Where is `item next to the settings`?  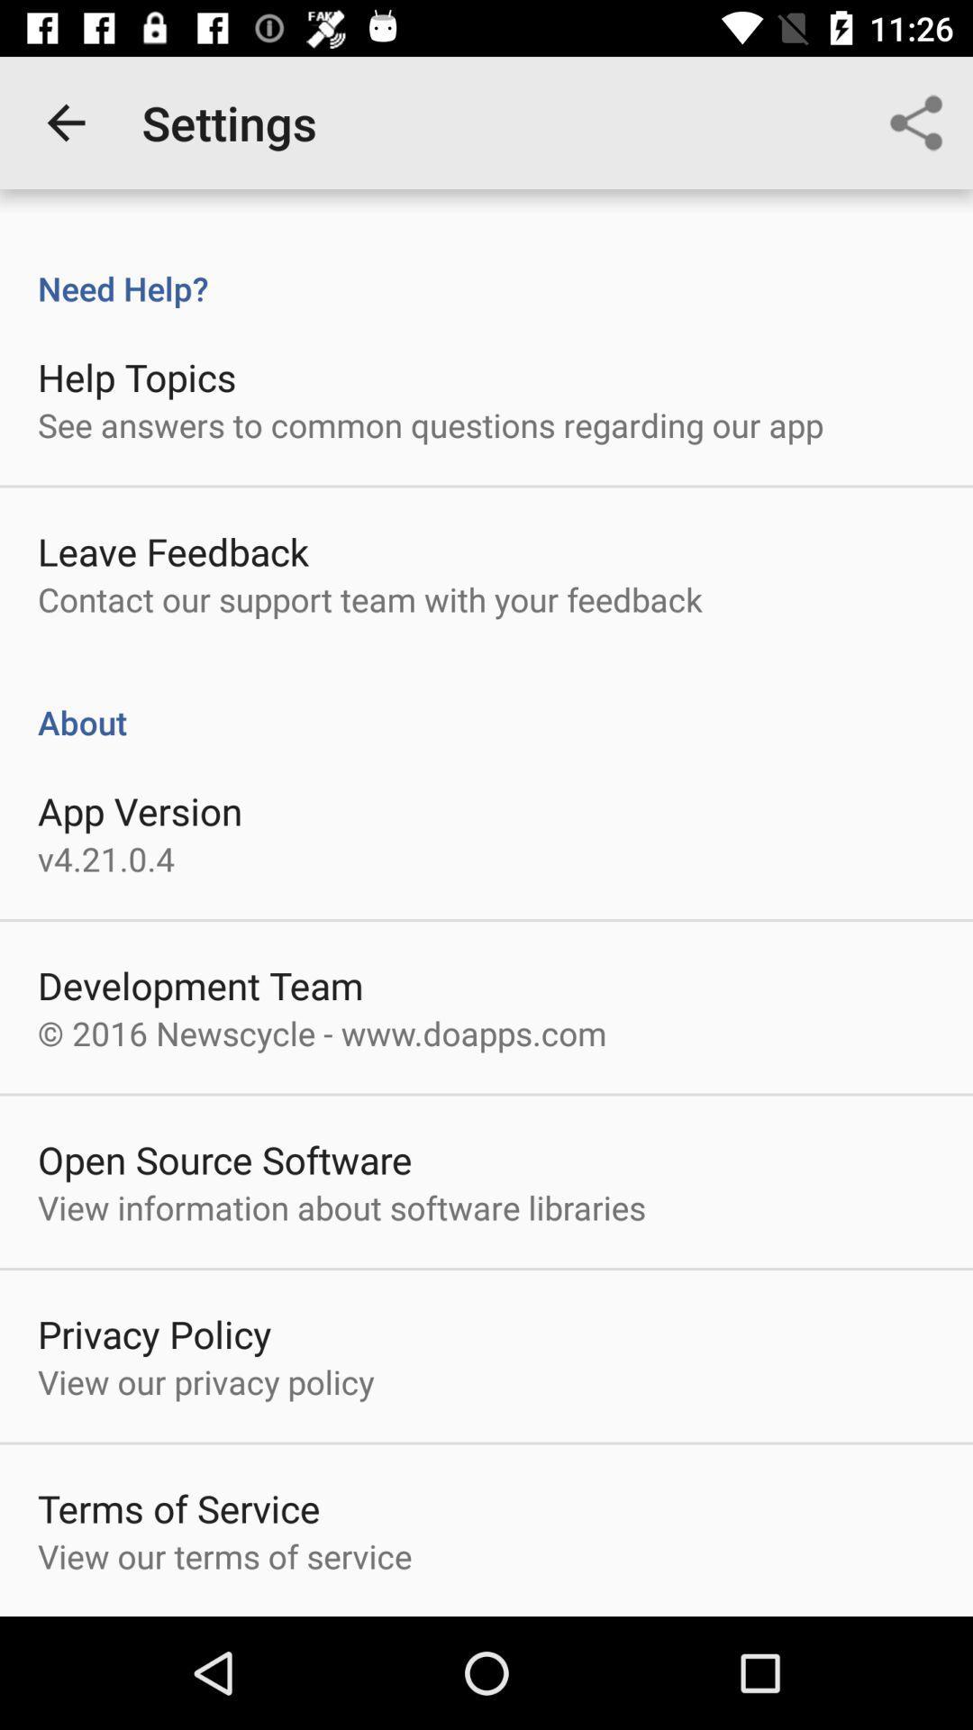
item next to the settings is located at coordinates (65, 122).